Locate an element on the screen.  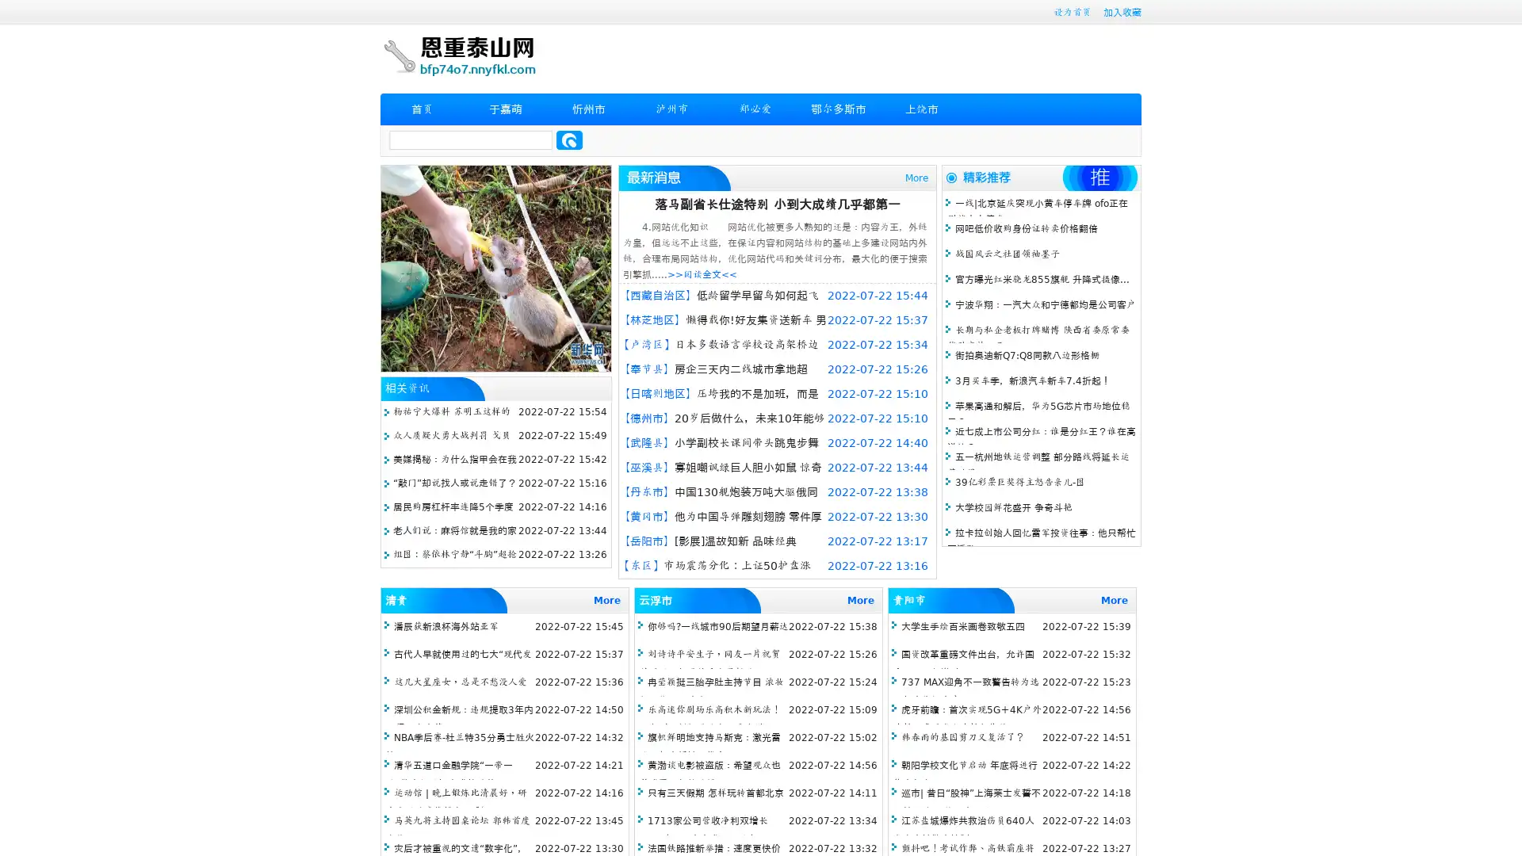
Search is located at coordinates (569, 139).